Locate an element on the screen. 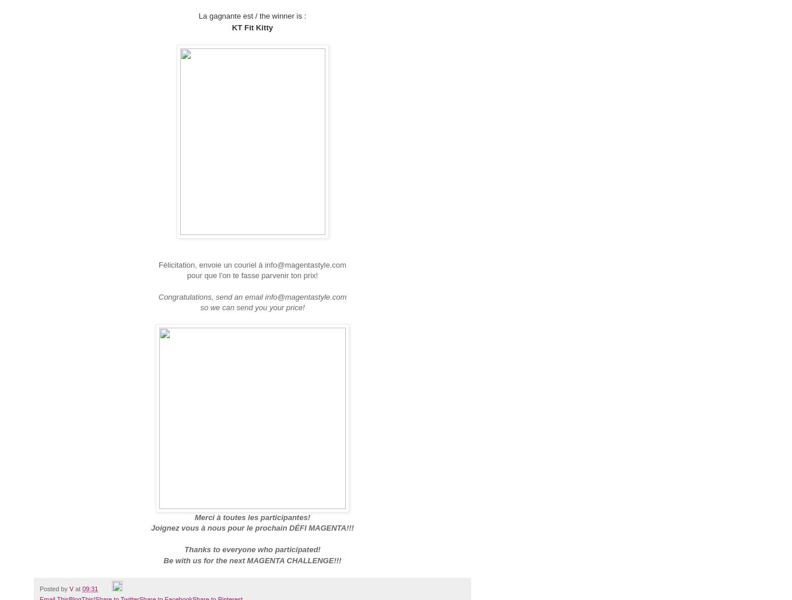 This screenshot has height=600, width=792. 'Posted by' is located at coordinates (40, 588).